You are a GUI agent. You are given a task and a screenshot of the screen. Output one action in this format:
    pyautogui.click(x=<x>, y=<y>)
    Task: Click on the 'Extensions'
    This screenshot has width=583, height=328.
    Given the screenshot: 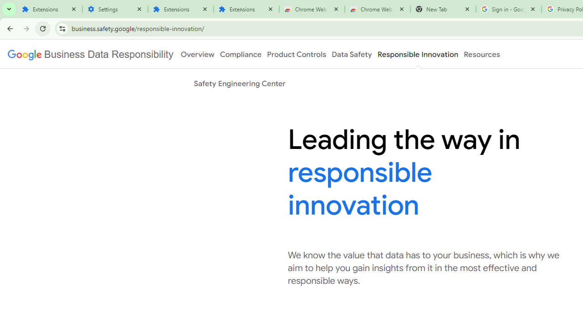 What is the action you would take?
    pyautogui.click(x=246, y=9)
    